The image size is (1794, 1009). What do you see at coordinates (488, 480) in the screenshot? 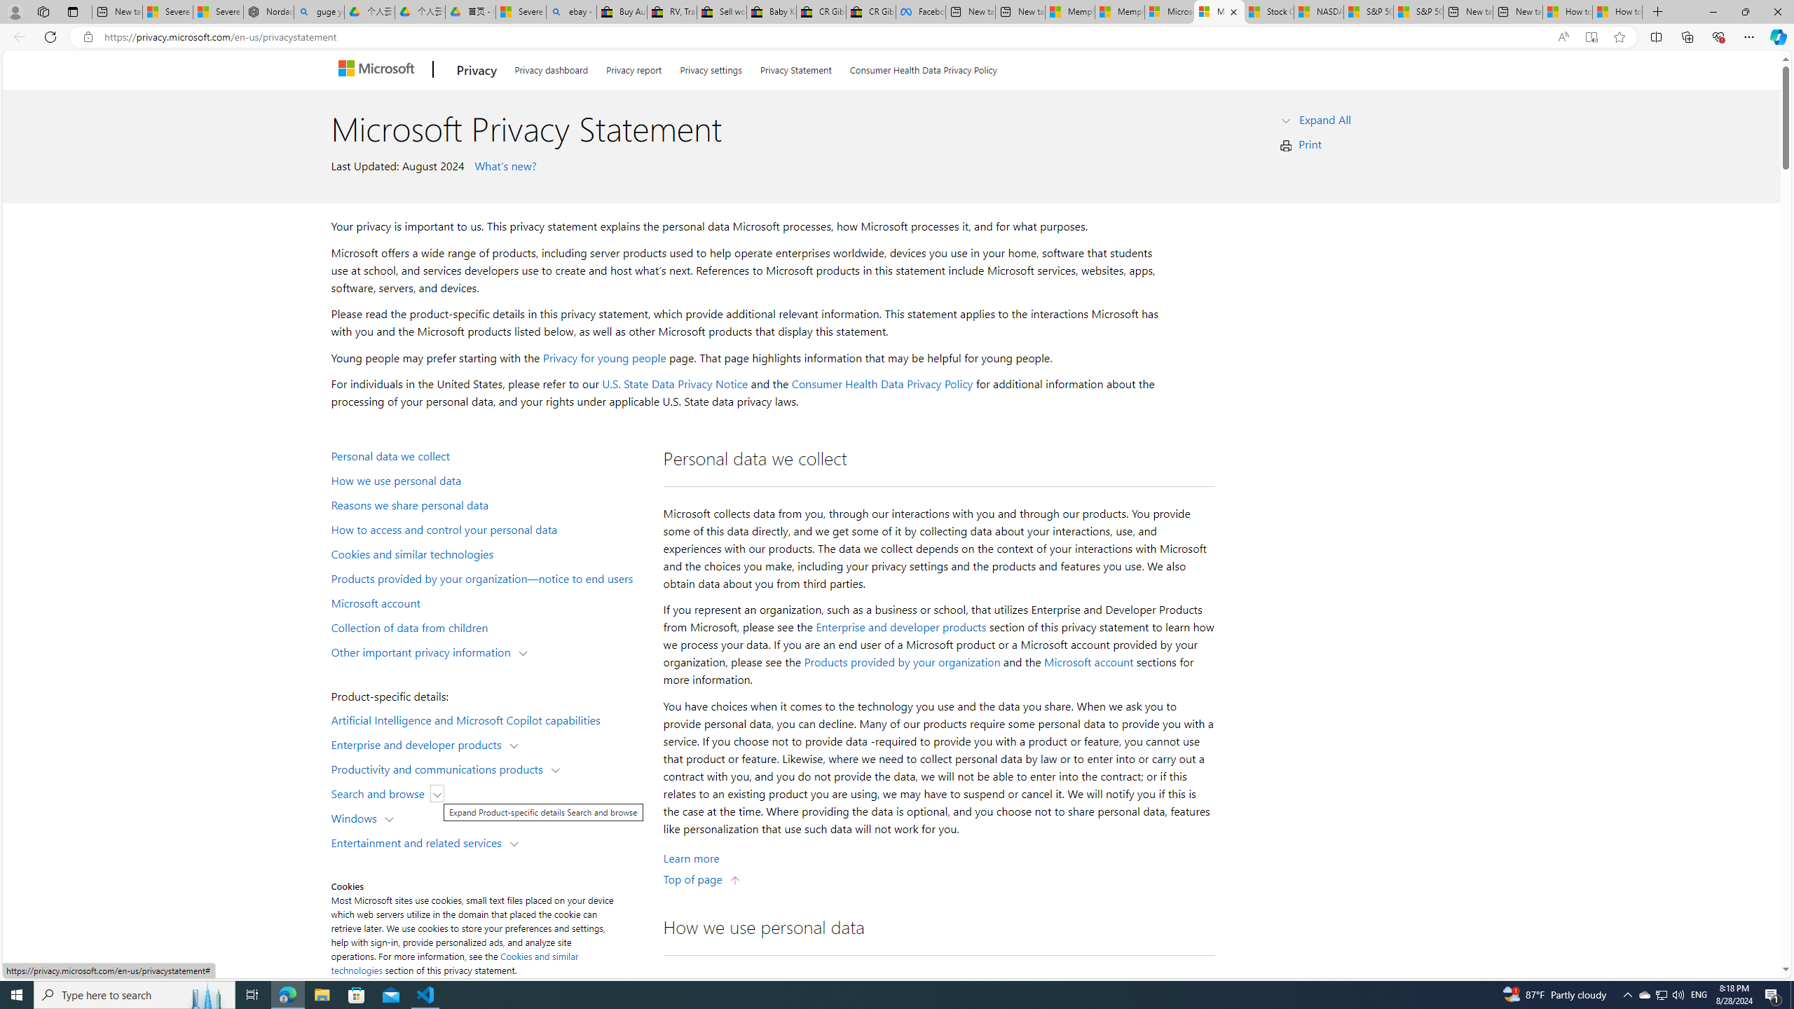
I see `'How we use personal data'` at bounding box center [488, 480].